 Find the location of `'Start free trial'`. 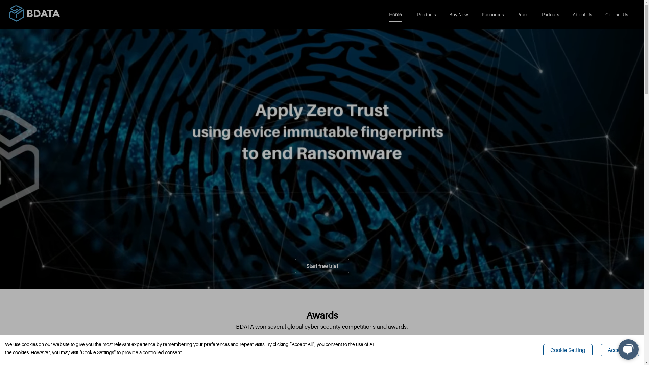

'Start free trial' is located at coordinates (321, 265).